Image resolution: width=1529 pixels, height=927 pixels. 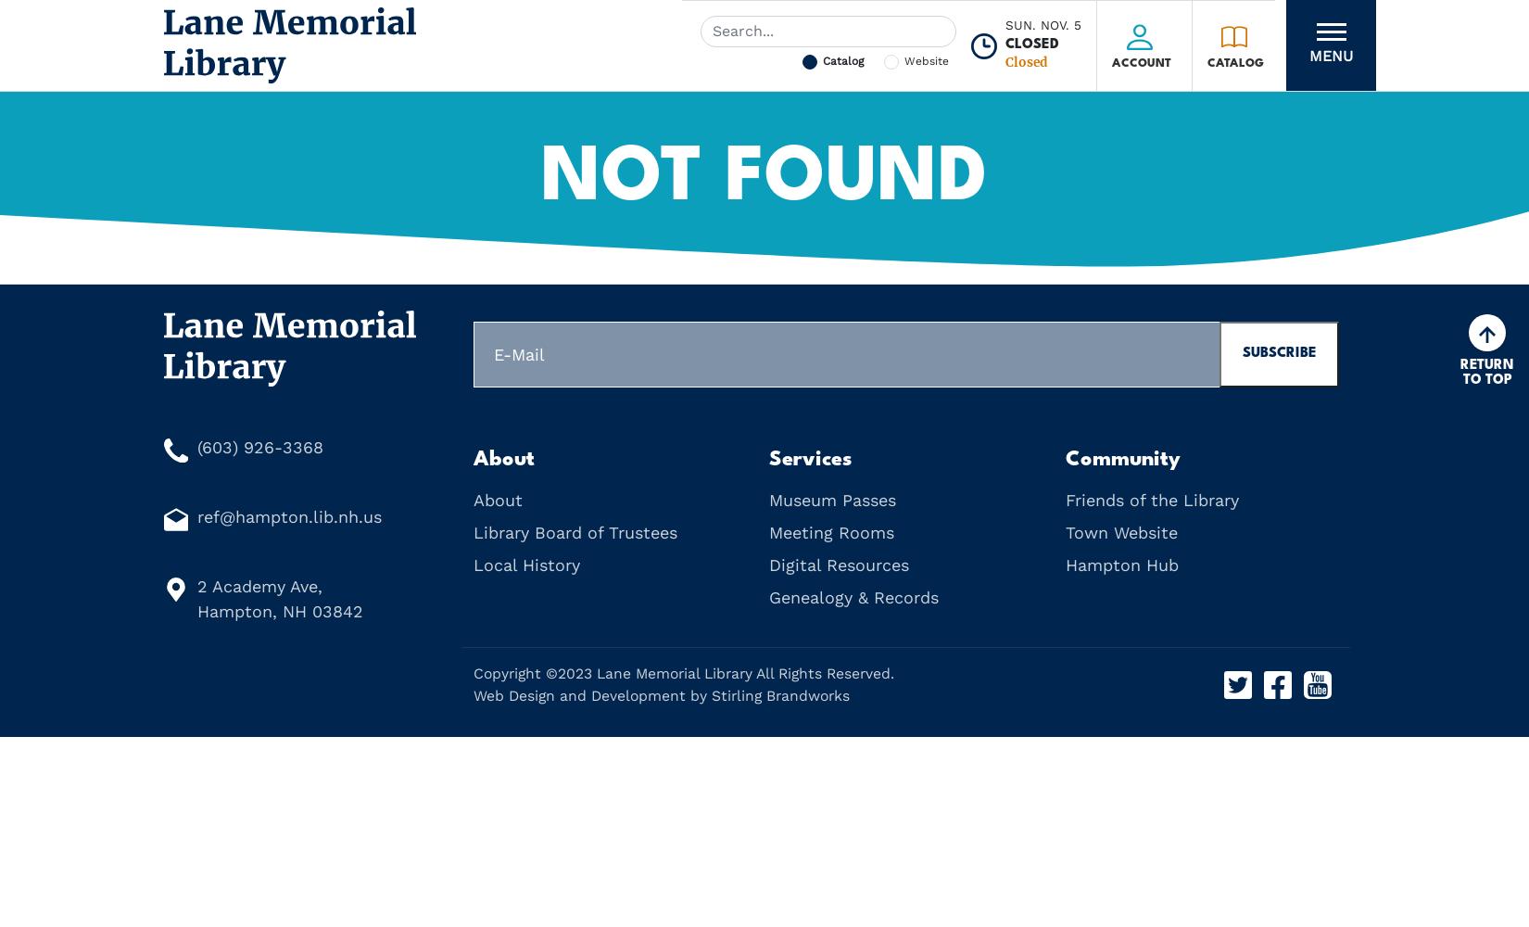 What do you see at coordinates (673, 672) in the screenshot?
I see `'Lane Memorial Library'` at bounding box center [673, 672].